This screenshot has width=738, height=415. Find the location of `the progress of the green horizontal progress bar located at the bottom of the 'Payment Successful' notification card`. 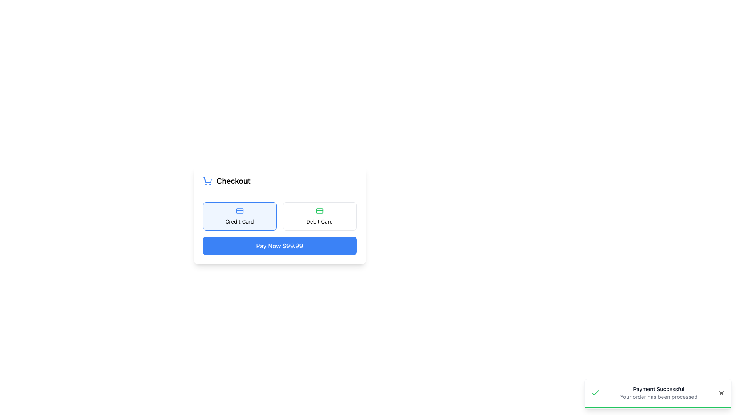

the progress of the green horizontal progress bar located at the bottom of the 'Payment Successful' notification card is located at coordinates (658, 407).